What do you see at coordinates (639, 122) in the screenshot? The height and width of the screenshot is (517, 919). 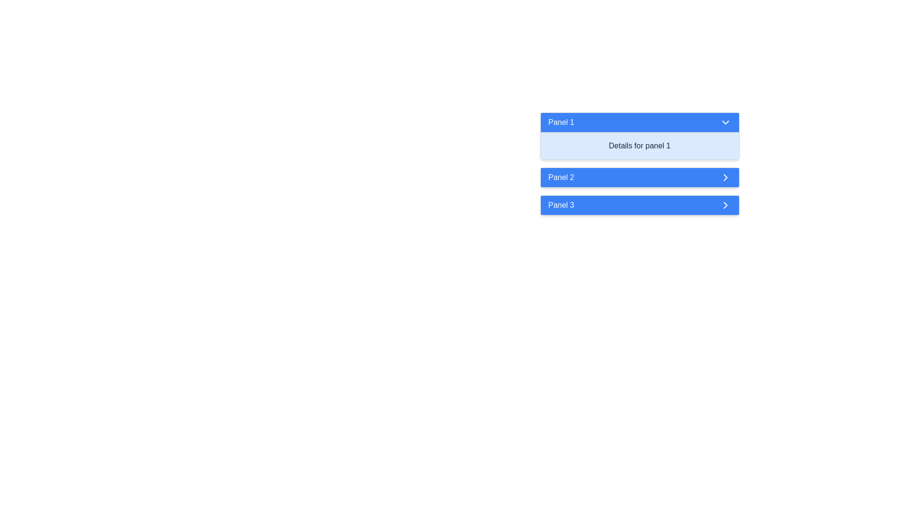 I see `the toggle button located at the top of 'Panel 1'` at bounding box center [639, 122].